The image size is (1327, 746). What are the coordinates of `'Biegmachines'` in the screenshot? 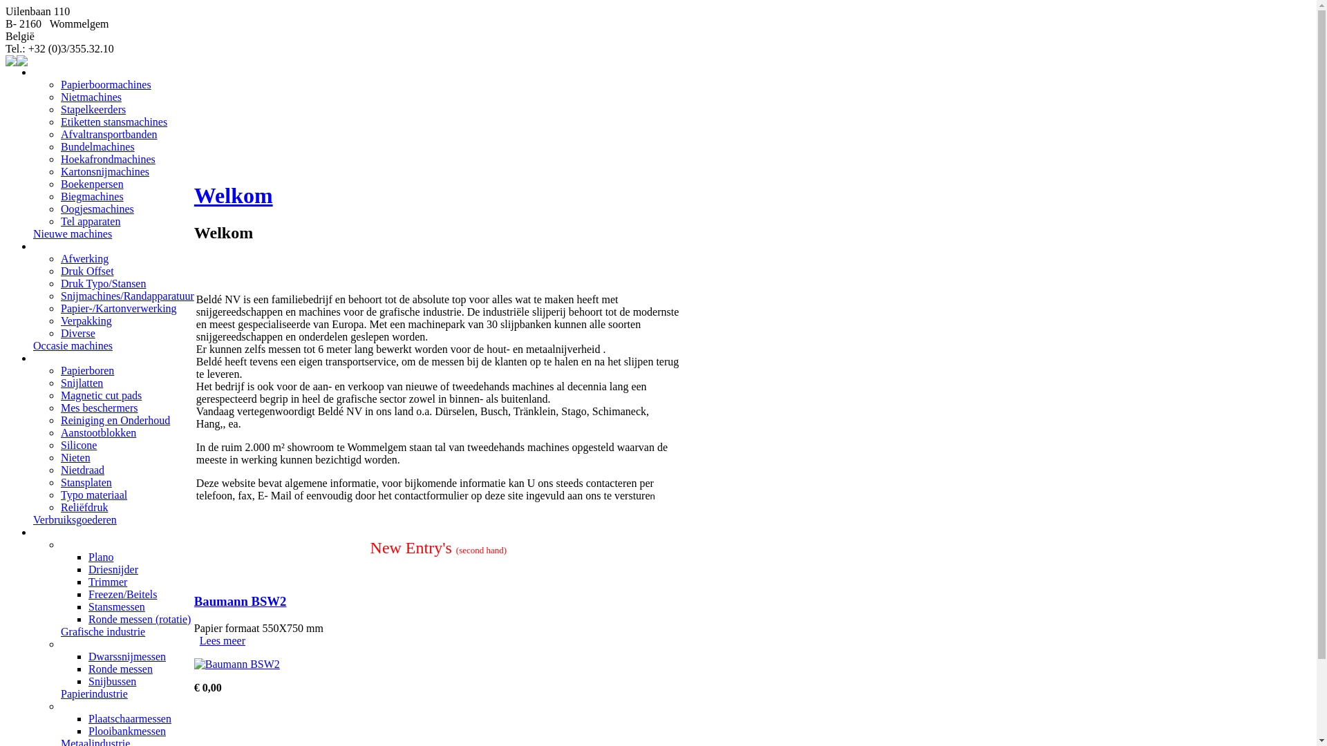 It's located at (91, 196).